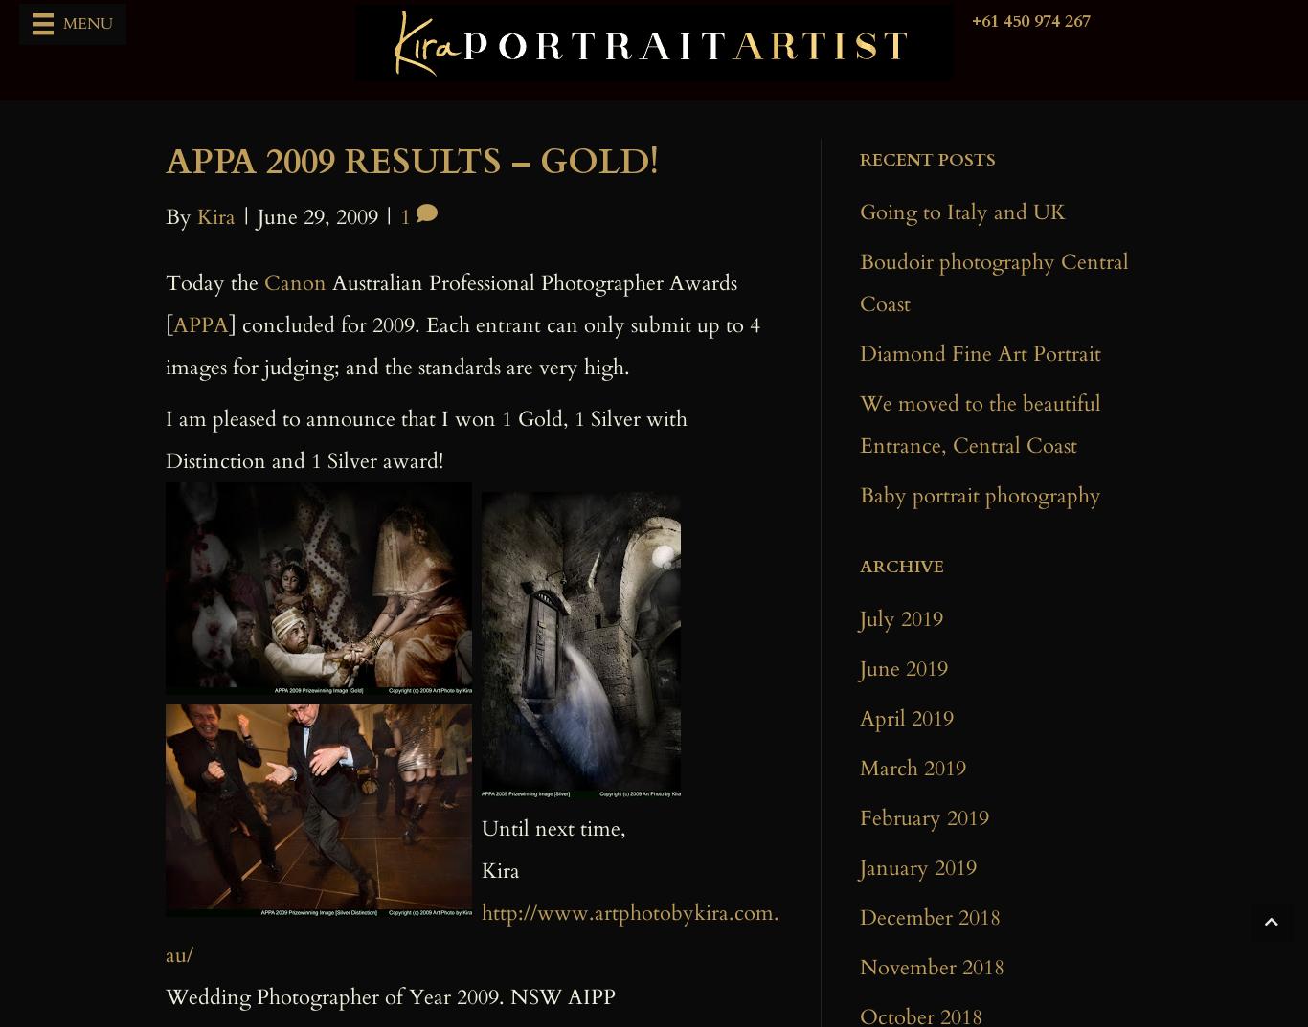  Describe the element at coordinates (993, 282) in the screenshot. I see `'Boudoir photography Central Coast'` at that location.